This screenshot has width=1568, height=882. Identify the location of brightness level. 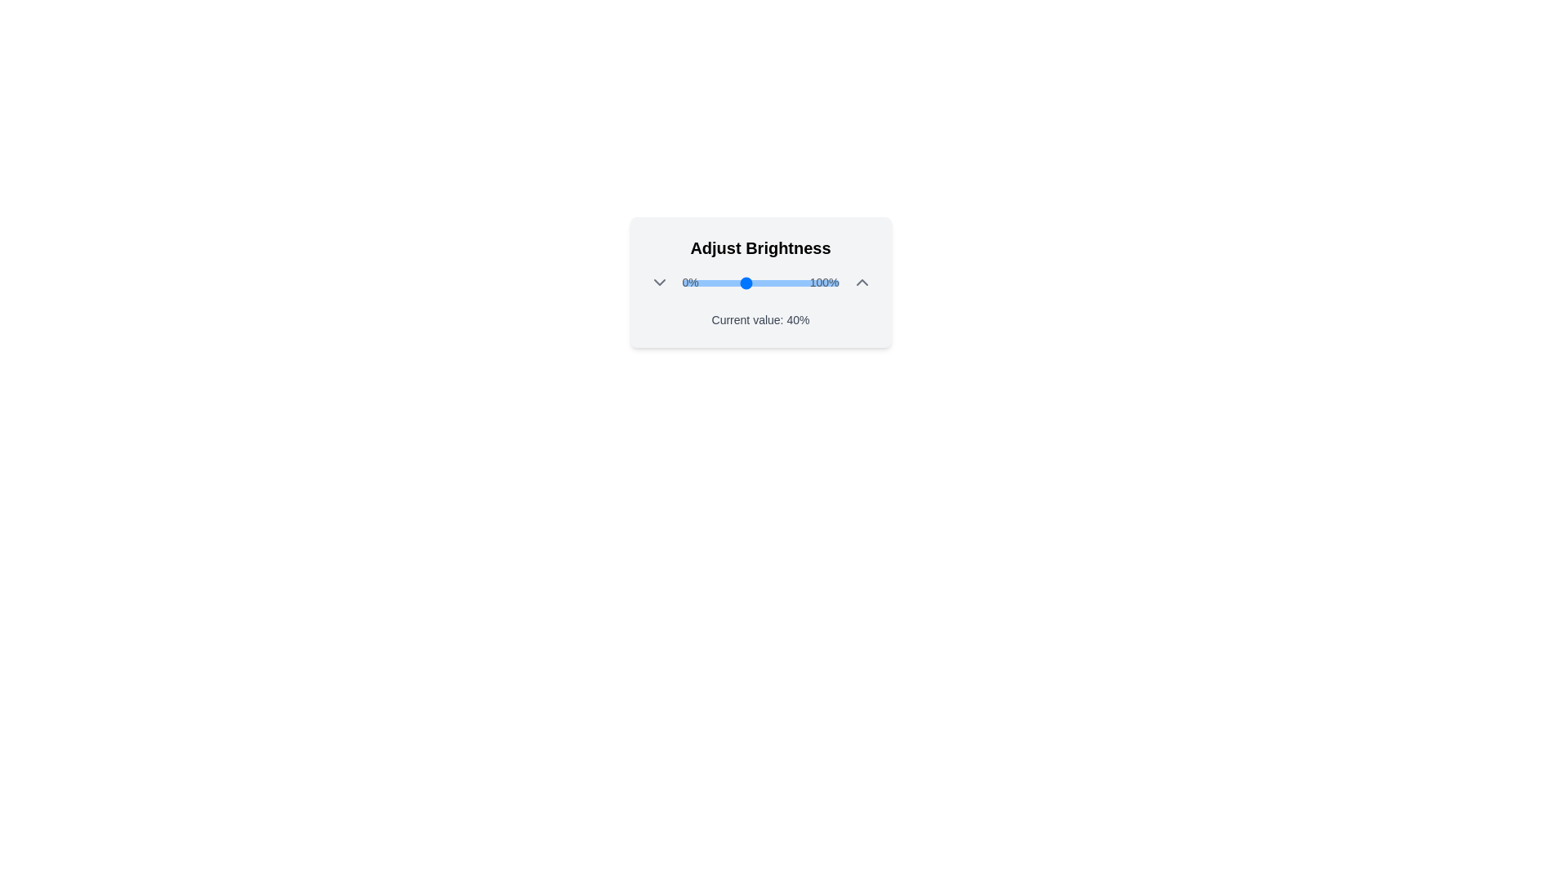
(771, 283).